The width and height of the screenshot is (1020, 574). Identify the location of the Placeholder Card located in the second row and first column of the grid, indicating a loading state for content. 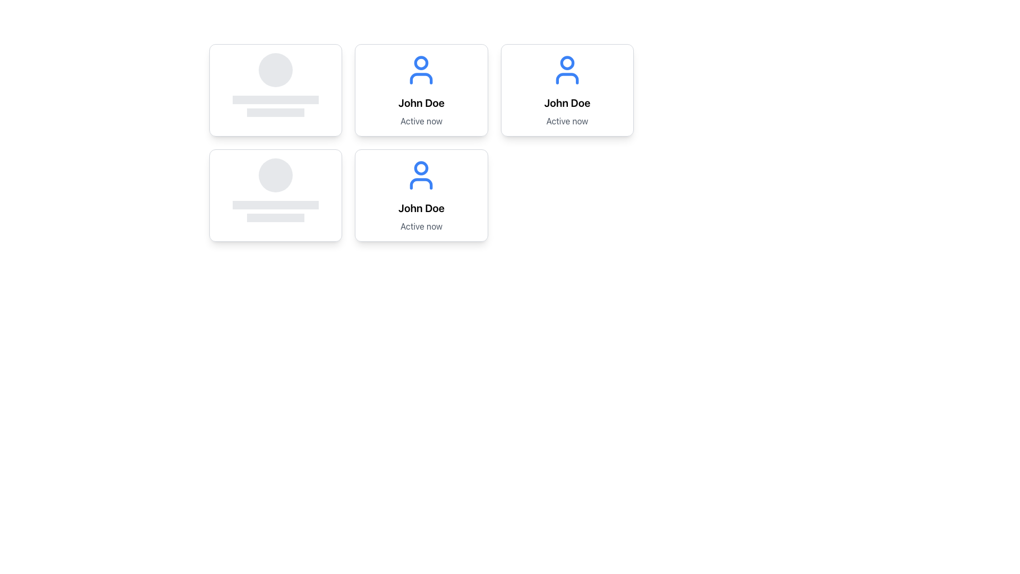
(276, 190).